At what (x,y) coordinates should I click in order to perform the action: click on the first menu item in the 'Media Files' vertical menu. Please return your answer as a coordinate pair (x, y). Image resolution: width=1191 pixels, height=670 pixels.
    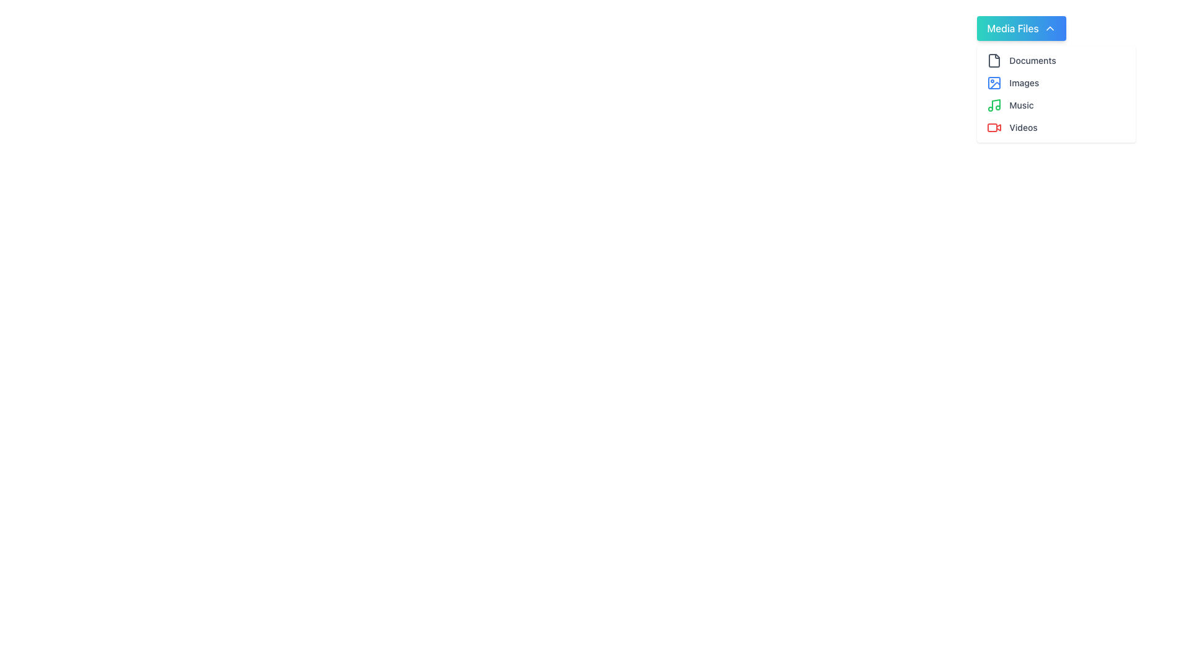
    Looking at the image, I should click on (1056, 60).